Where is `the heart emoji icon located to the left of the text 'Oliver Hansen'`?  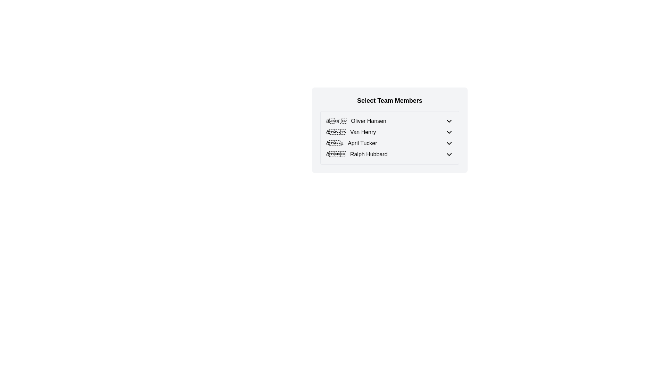
the heart emoji icon located to the left of the text 'Oliver Hansen' is located at coordinates (336, 120).